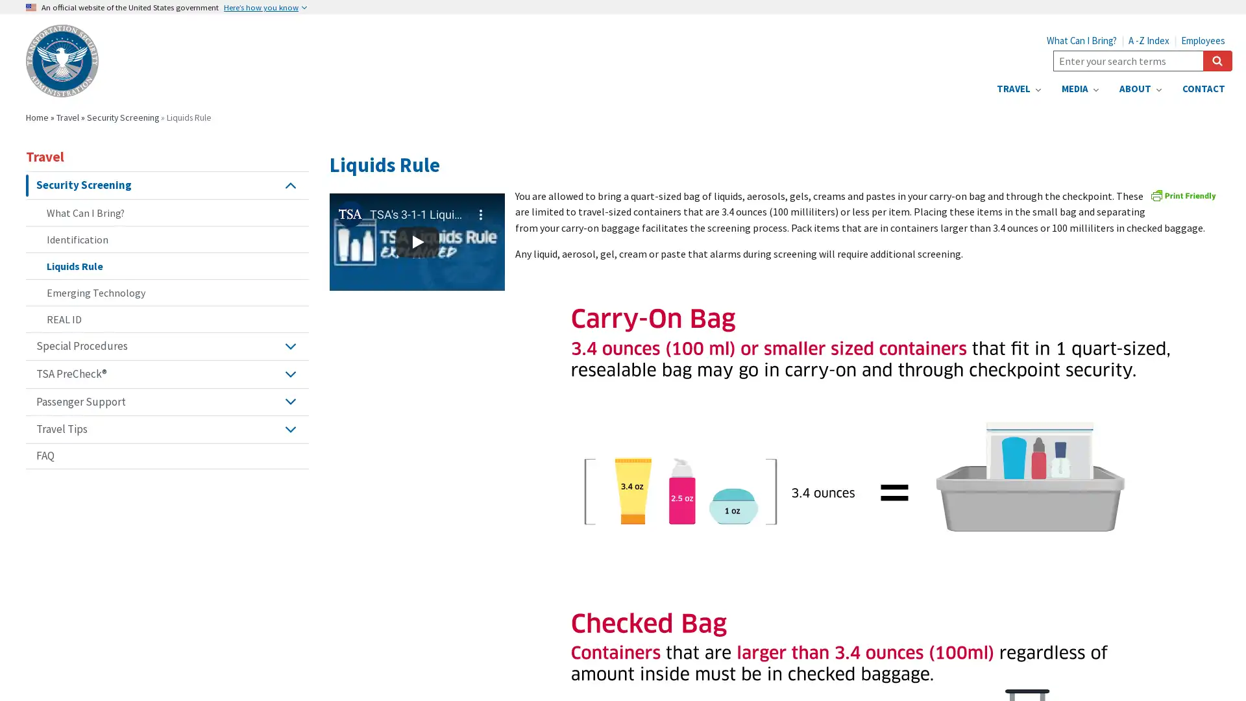 The image size is (1246, 701). I want to click on MEDIA, so click(1080, 88).